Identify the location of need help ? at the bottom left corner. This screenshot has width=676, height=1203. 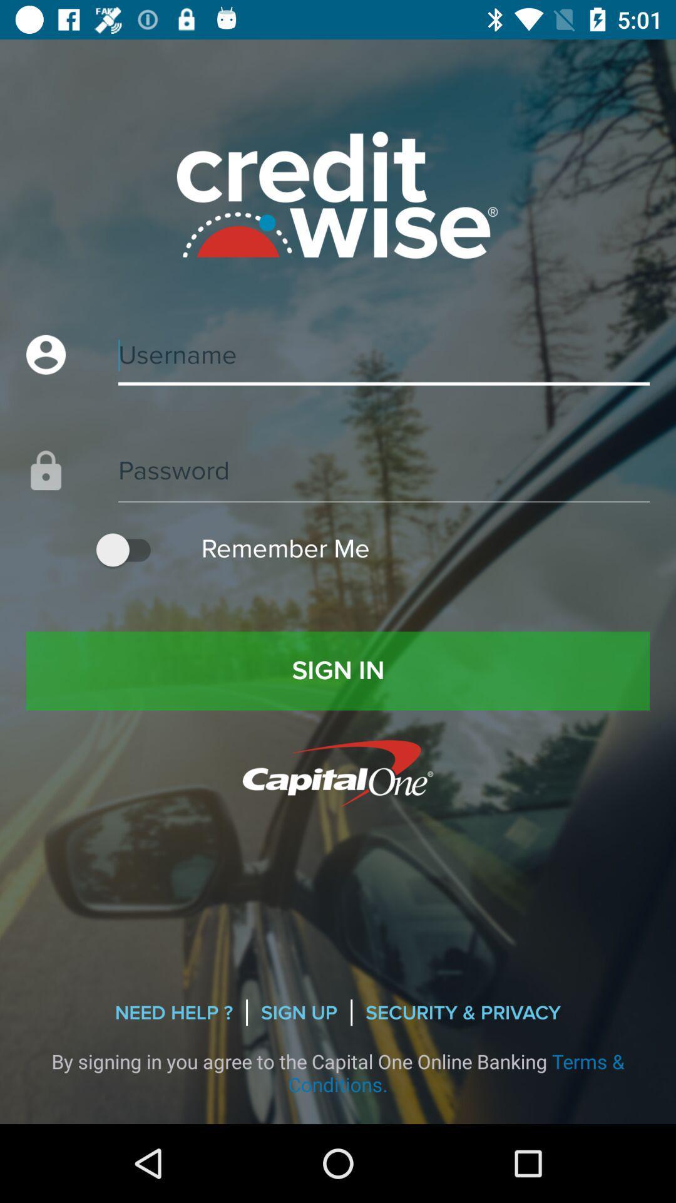
(173, 1013).